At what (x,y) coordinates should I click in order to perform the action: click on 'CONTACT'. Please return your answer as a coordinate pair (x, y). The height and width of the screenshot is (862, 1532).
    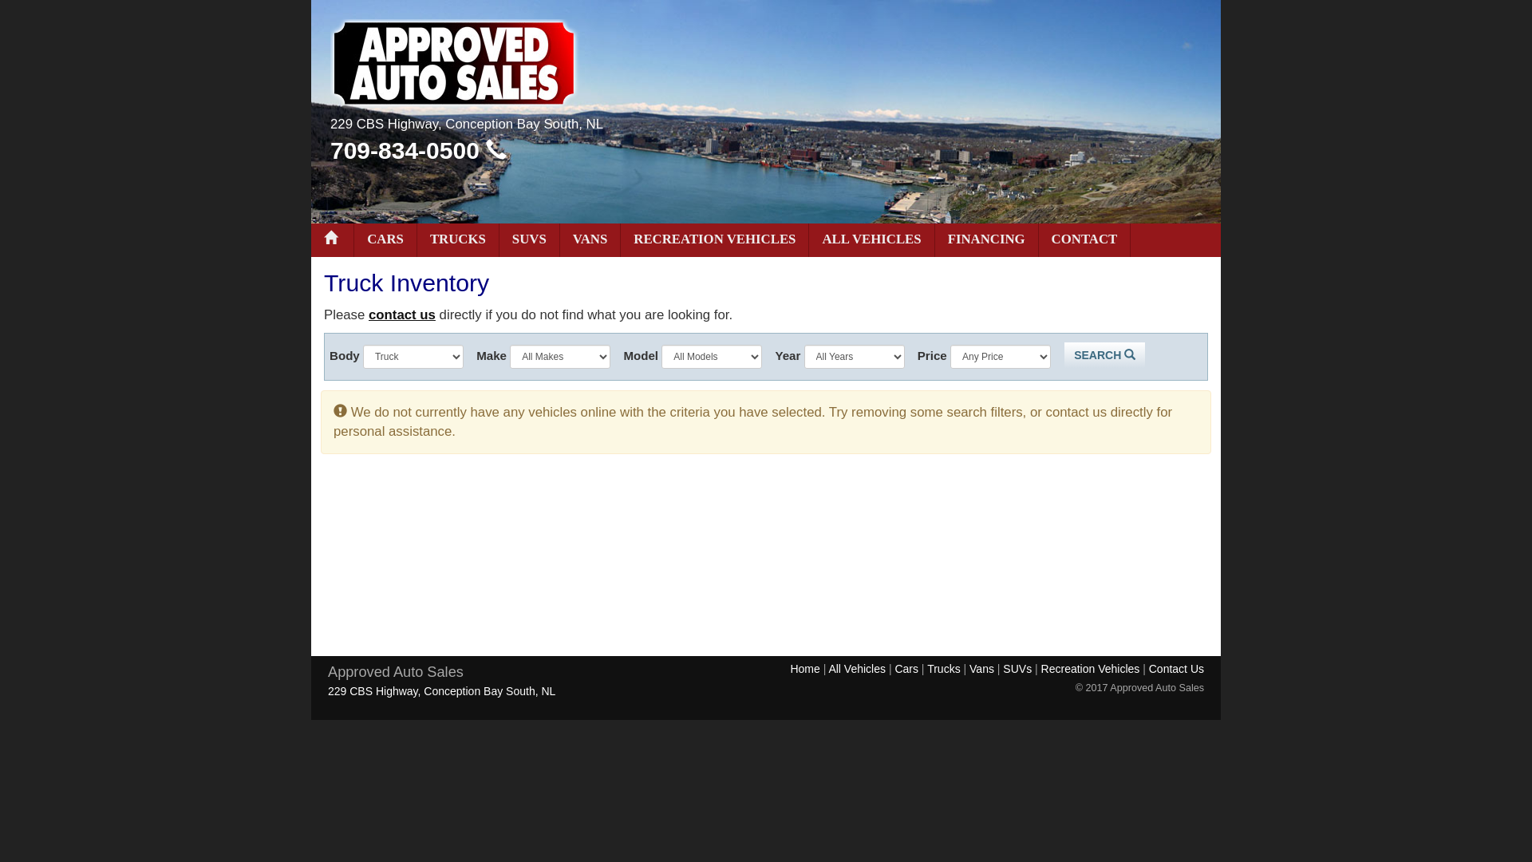
    Looking at the image, I should click on (1084, 239).